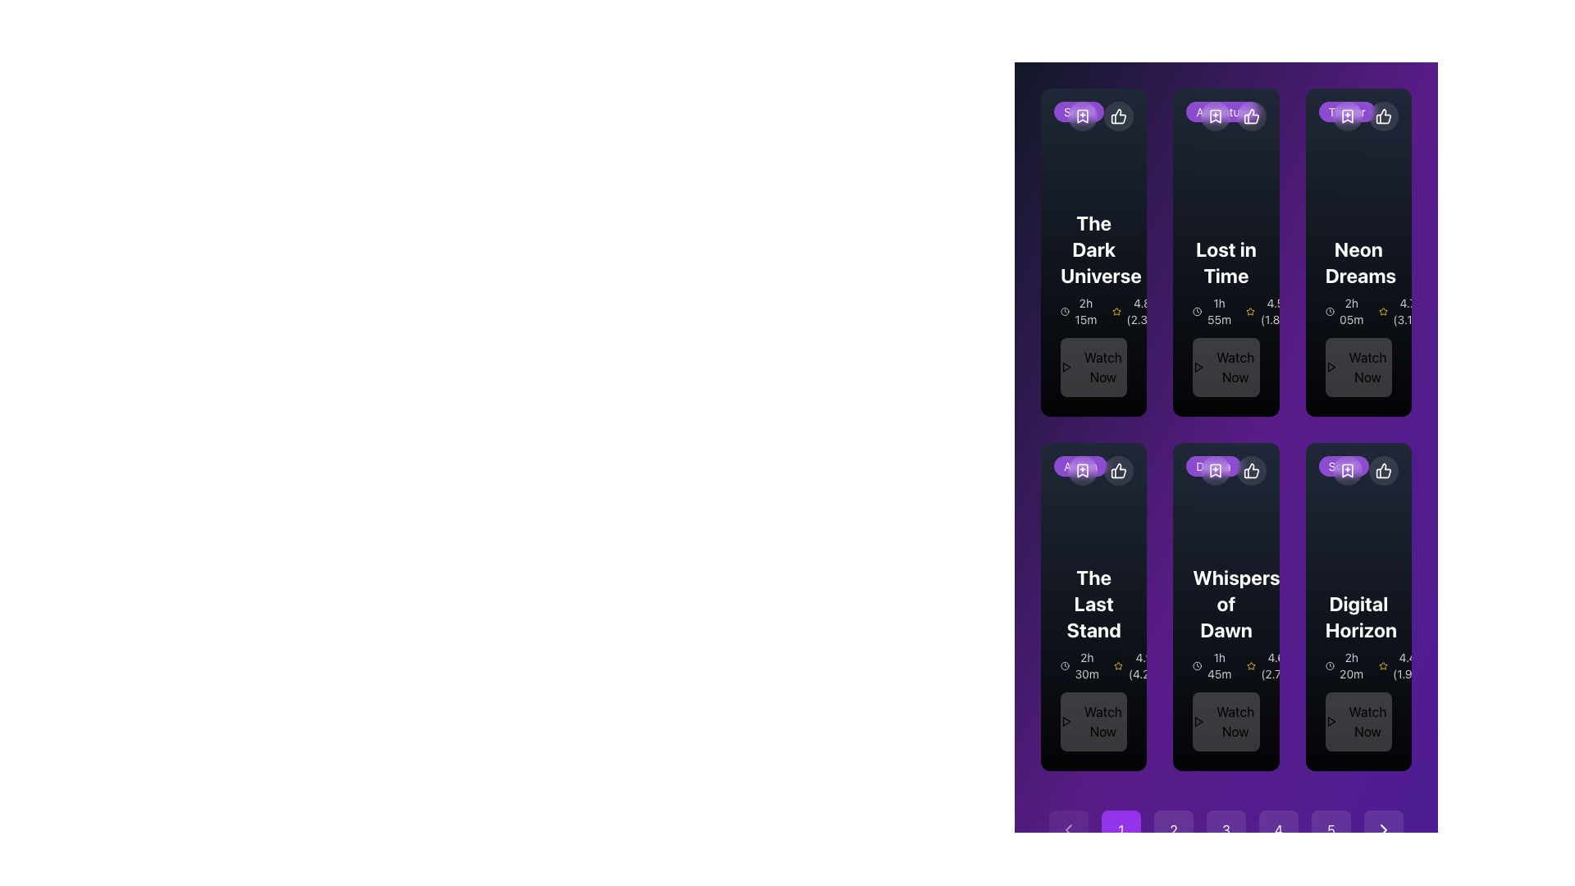 This screenshot has width=1575, height=886. What do you see at coordinates (1093, 720) in the screenshot?
I see `the 'Watch Now' button located at the bottom of the third card in the movie carousel` at bounding box center [1093, 720].